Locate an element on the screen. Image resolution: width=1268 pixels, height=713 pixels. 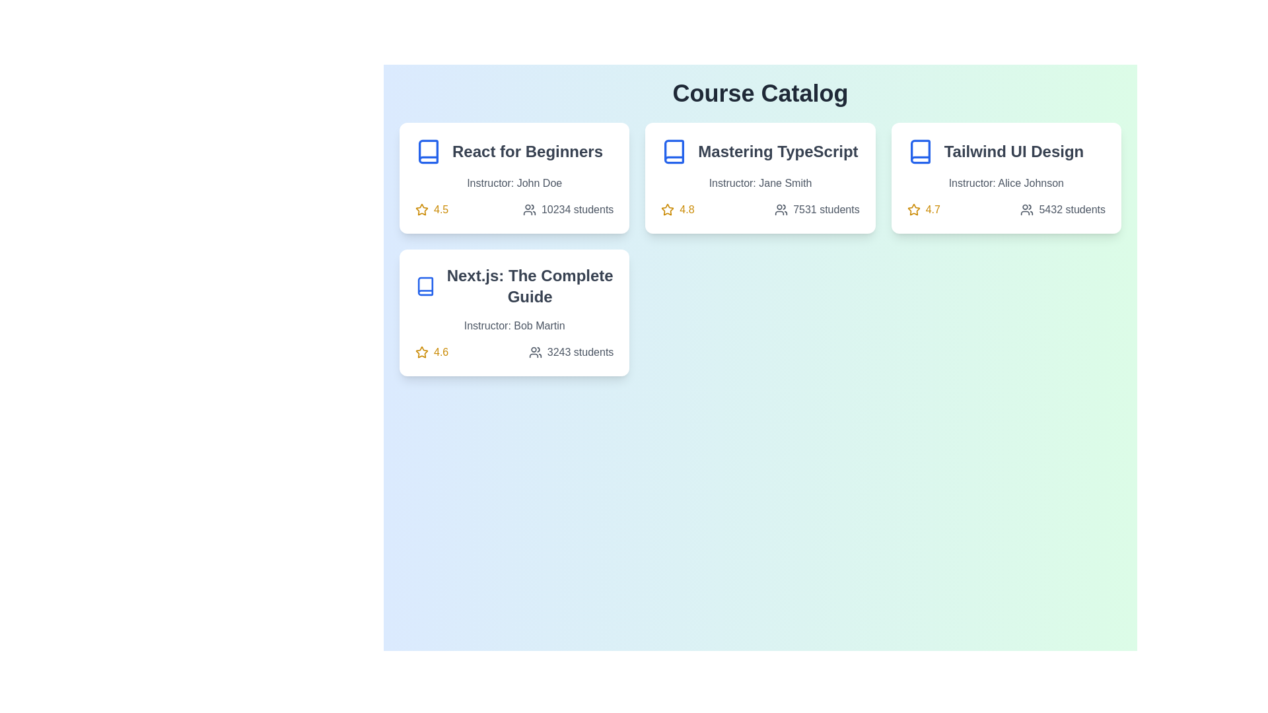
the Icon with text (Rating display) which shows the average rating of the 'Next.js: The Complete Guide' course, located under the course title and instructor's name is located at coordinates (432, 351).